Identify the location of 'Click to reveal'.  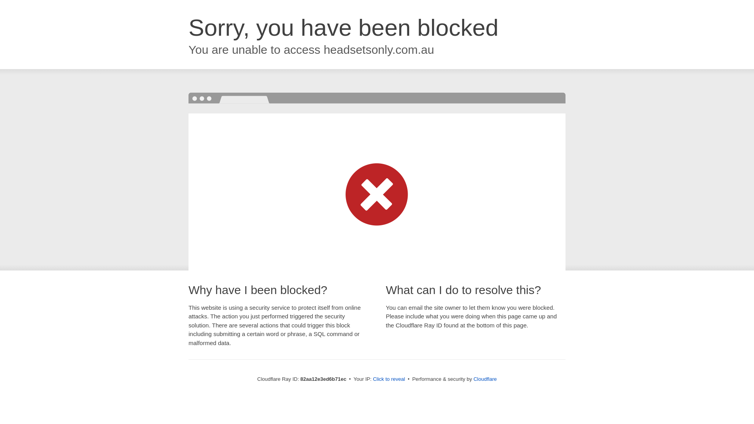
(389, 378).